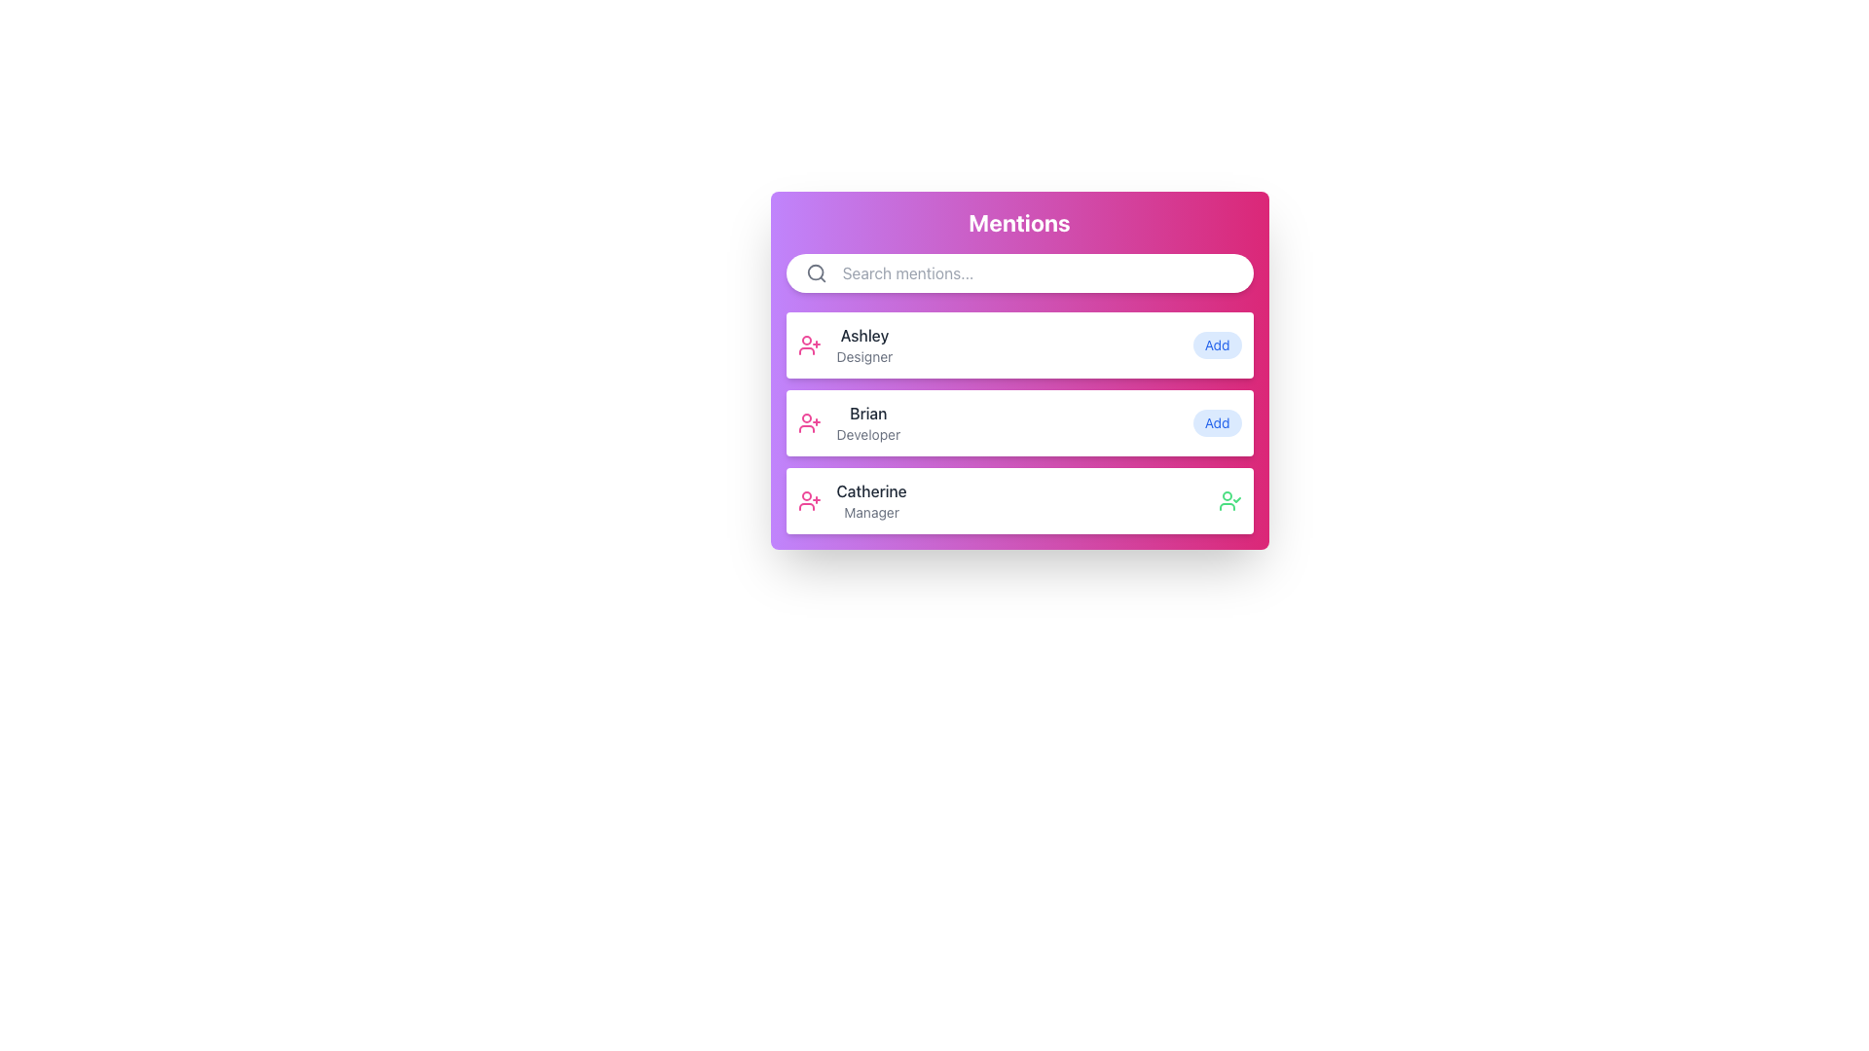  I want to click on the text label identifying the user, so click(863, 334).